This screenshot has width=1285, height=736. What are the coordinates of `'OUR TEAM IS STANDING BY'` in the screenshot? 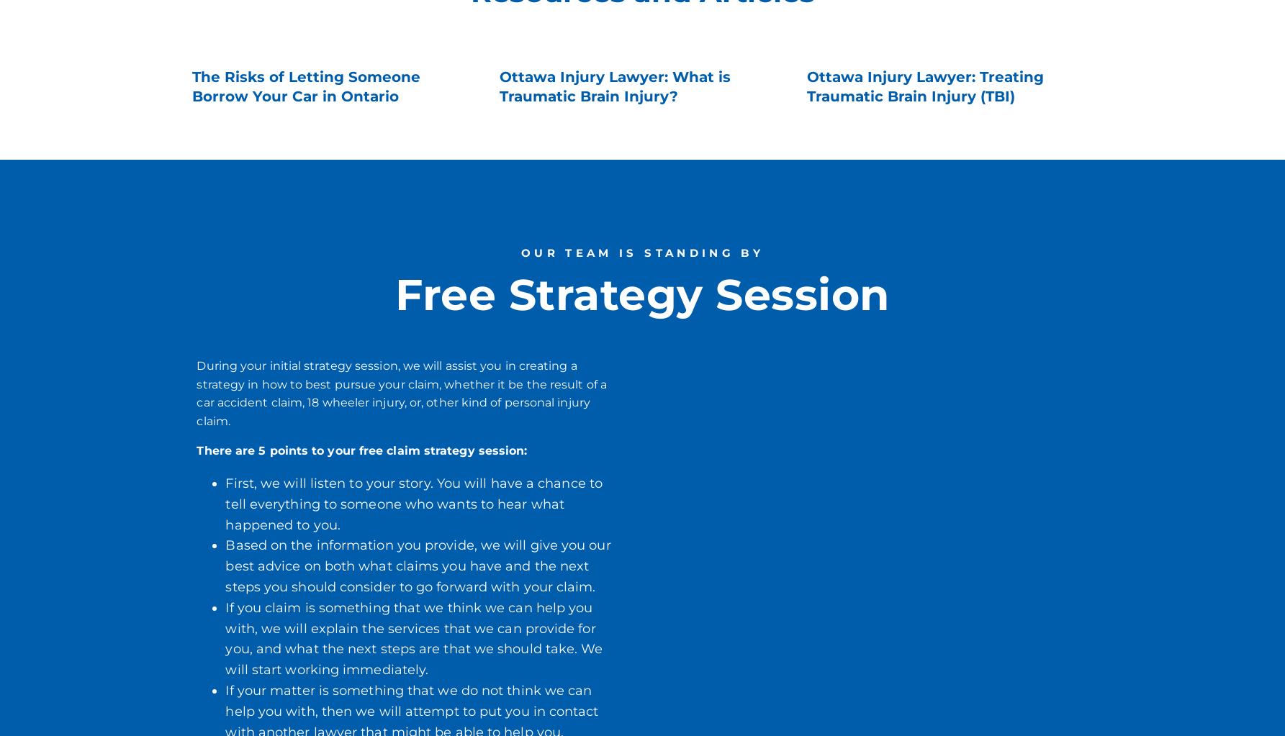 It's located at (641, 252).